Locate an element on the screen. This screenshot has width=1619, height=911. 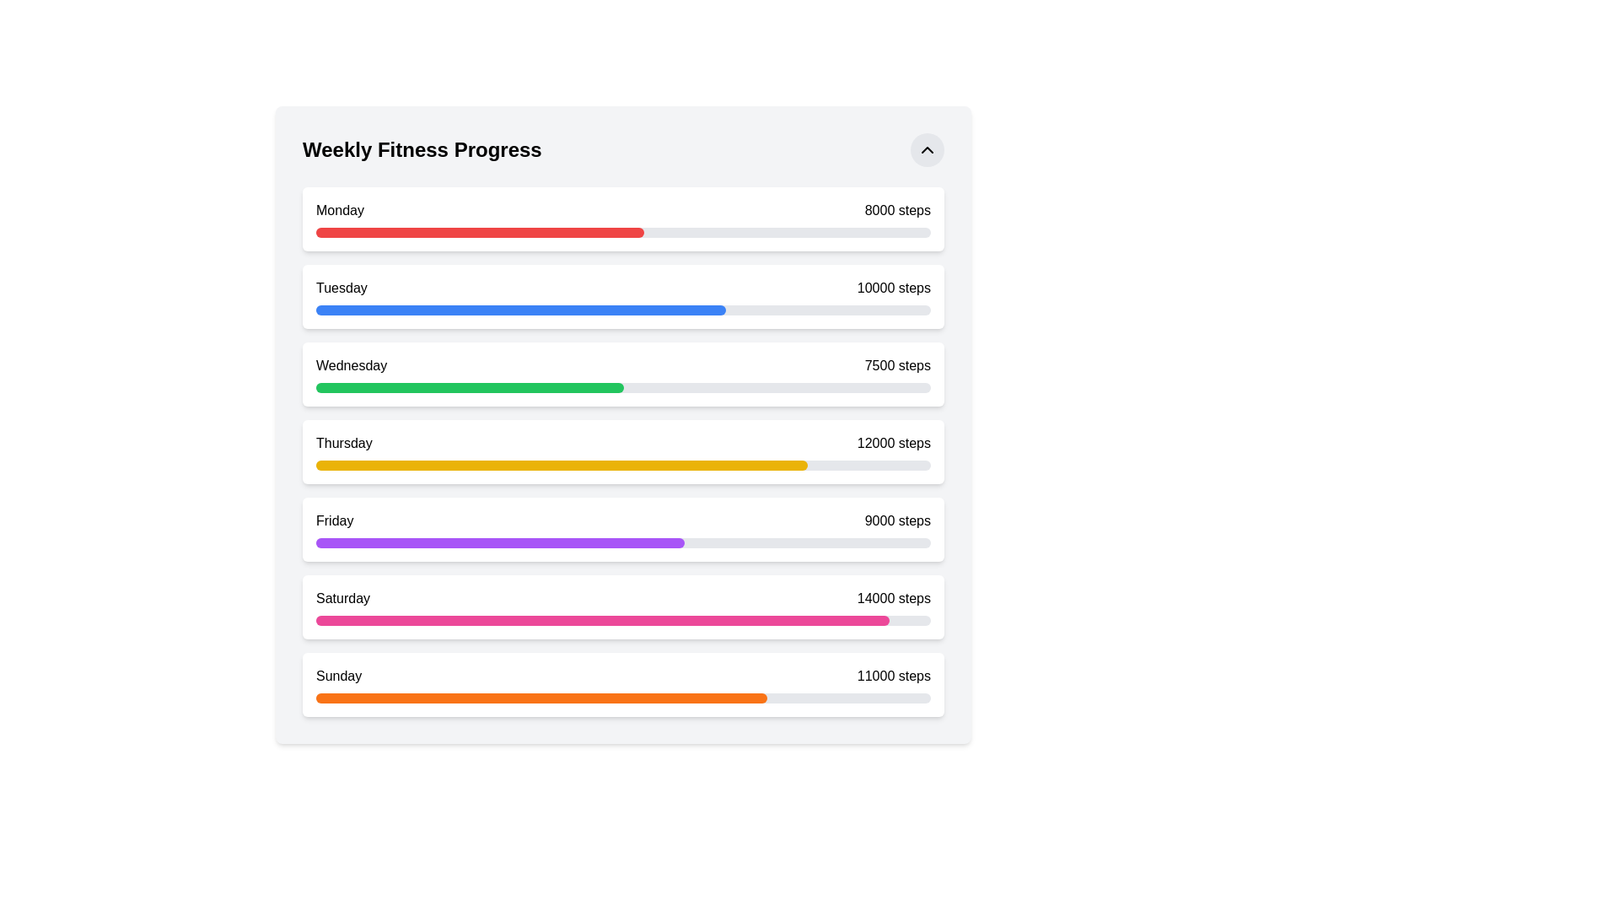
displayed text '14000 steps' from the text label located on the right side of the 'Saturday' row is located at coordinates (893, 597).